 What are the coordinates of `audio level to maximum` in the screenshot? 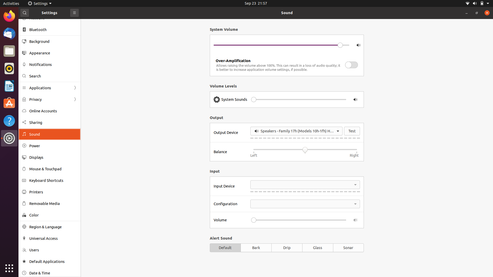 It's located at (336, 100).